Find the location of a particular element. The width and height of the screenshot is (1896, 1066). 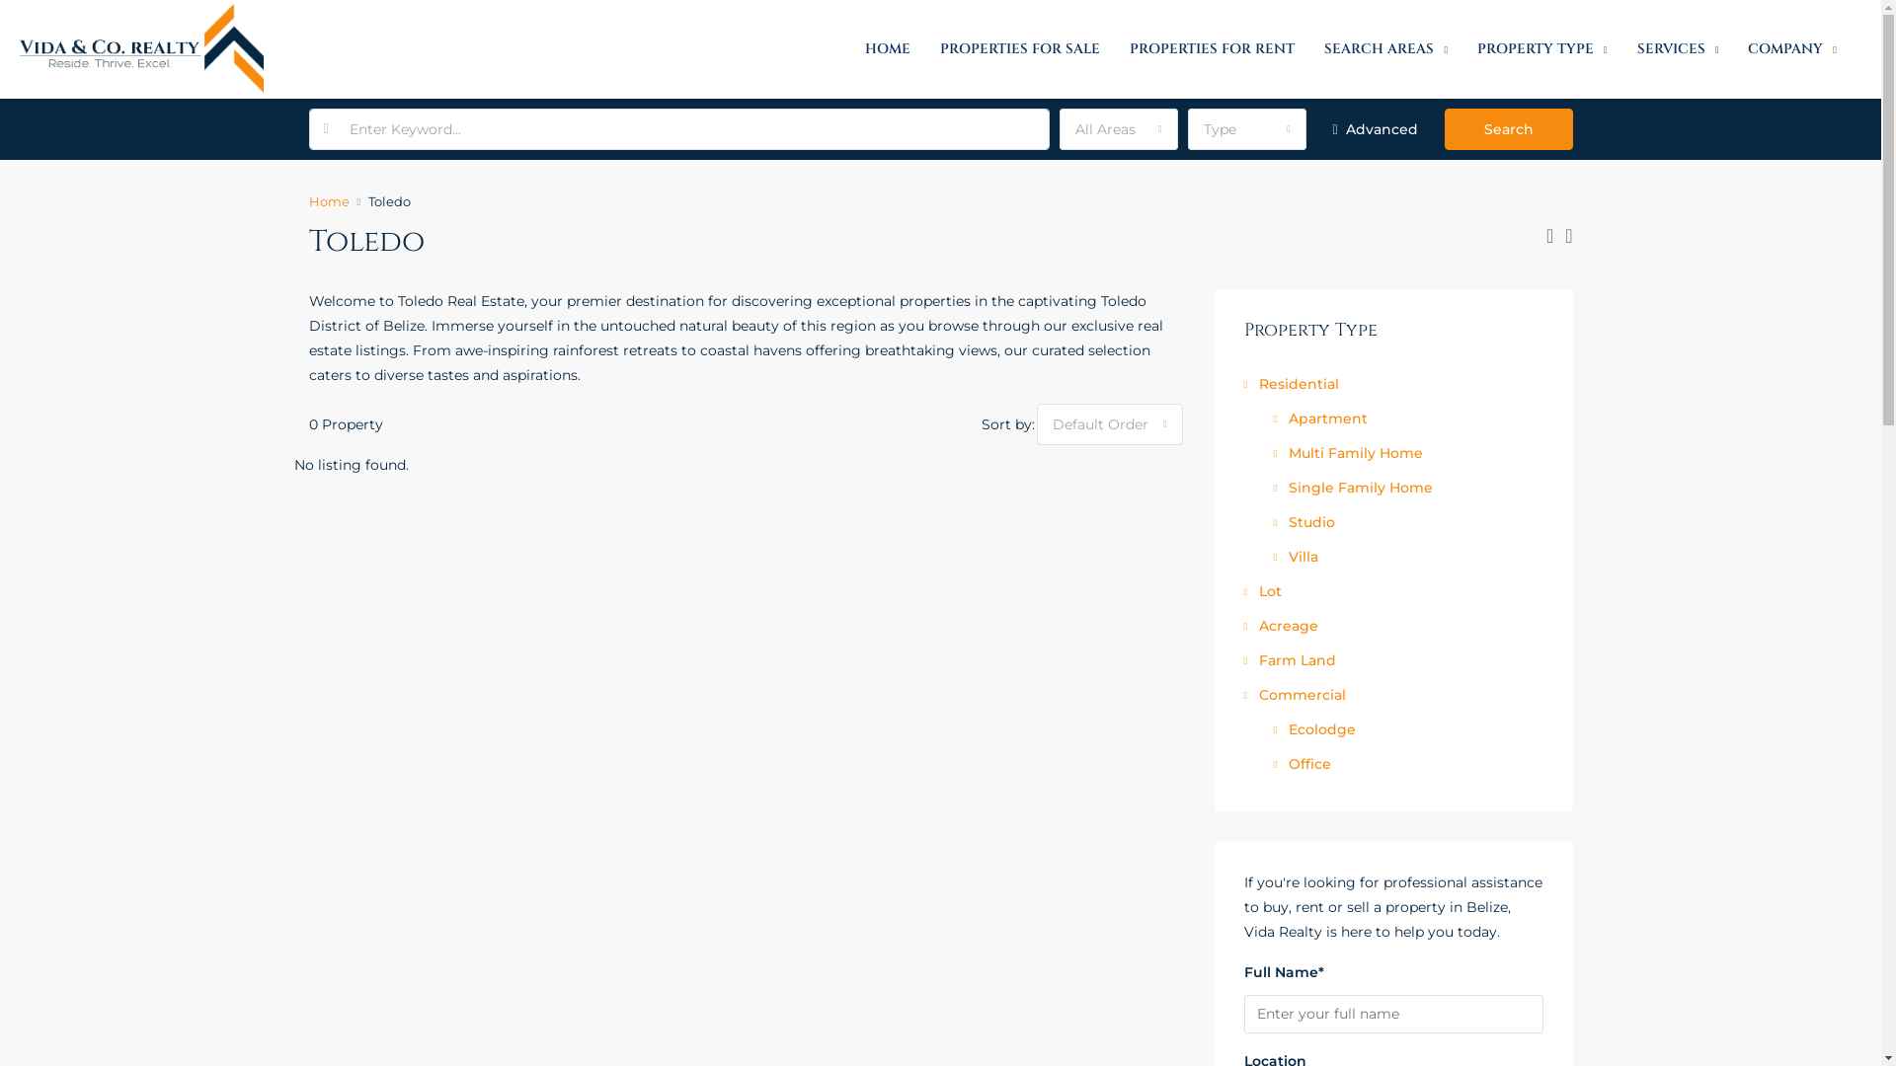

'Single Family Home' is located at coordinates (1352, 487).